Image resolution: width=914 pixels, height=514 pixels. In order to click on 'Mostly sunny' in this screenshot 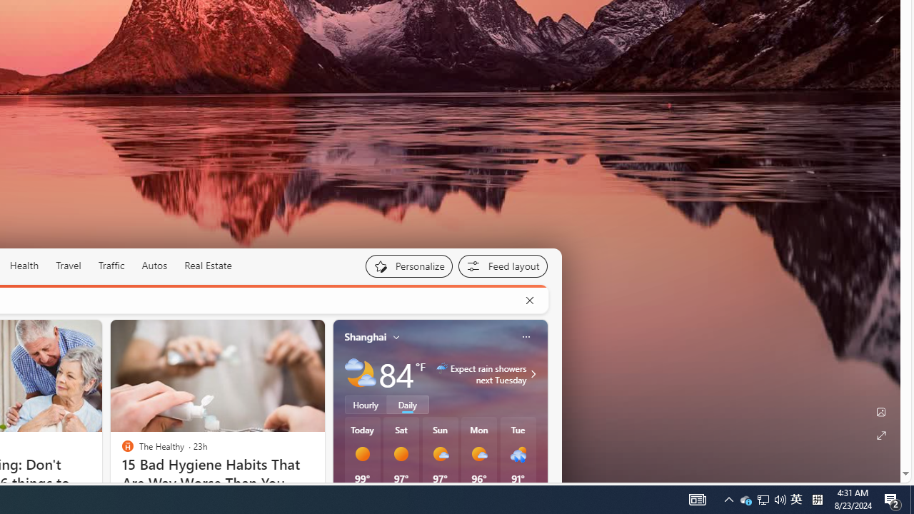, I will do `click(478, 454)`.